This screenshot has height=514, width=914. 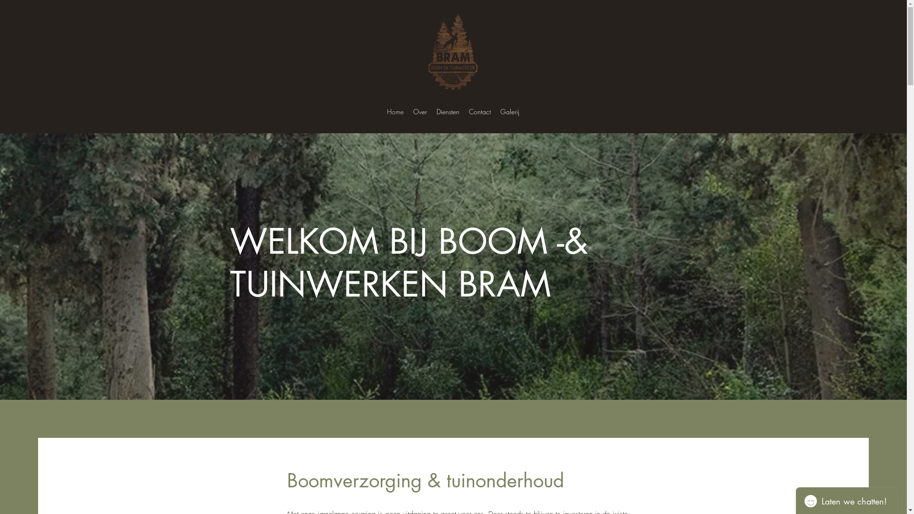 What do you see at coordinates (447, 111) in the screenshot?
I see `'Diensten'` at bounding box center [447, 111].